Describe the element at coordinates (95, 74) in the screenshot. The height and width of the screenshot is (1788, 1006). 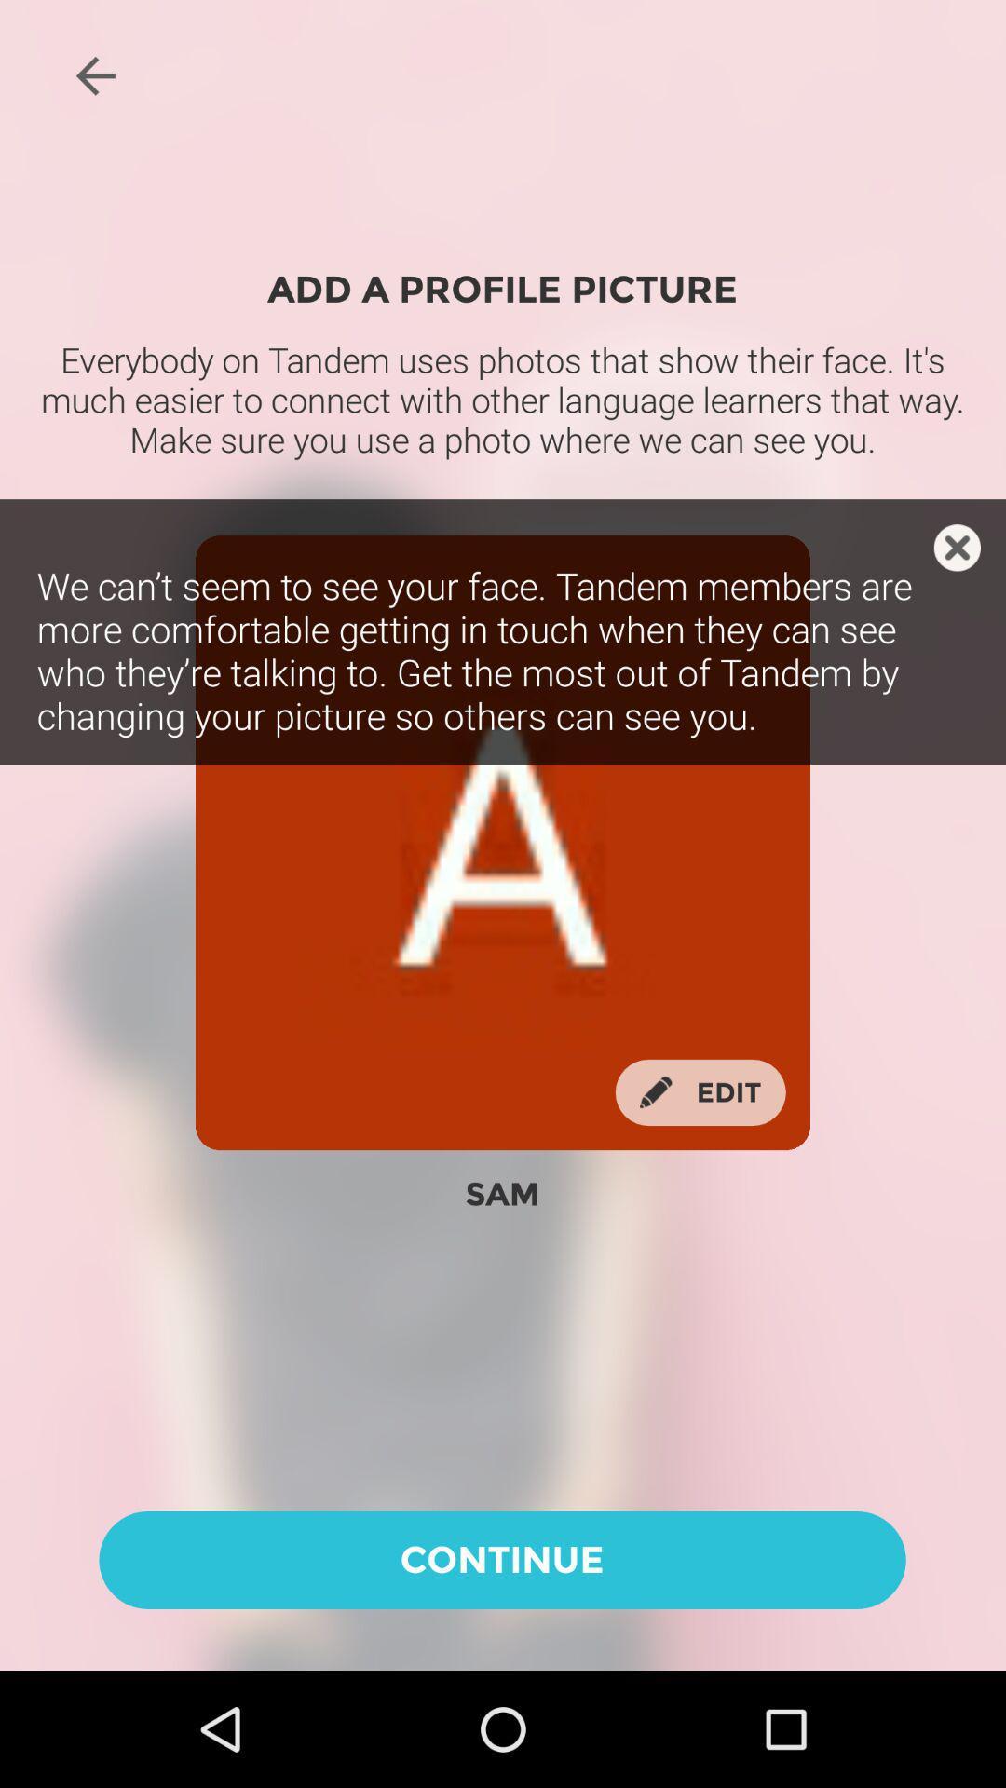
I see `the icon above the everybody on tandem icon` at that location.